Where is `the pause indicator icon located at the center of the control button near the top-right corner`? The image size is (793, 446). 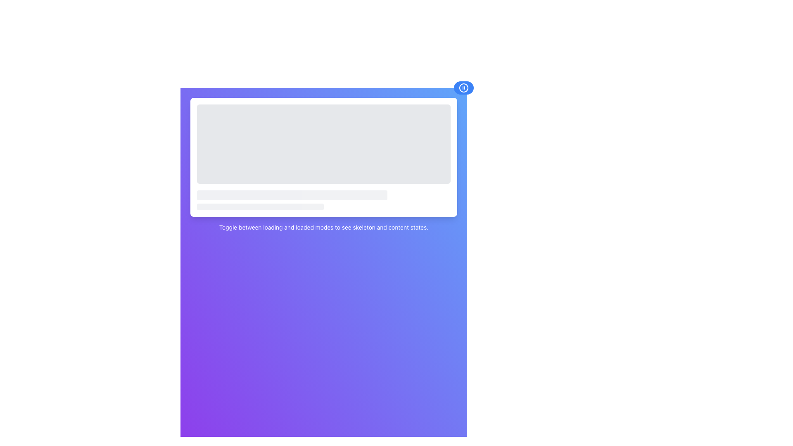
the pause indicator icon located at the center of the control button near the top-right corner is located at coordinates (464, 88).